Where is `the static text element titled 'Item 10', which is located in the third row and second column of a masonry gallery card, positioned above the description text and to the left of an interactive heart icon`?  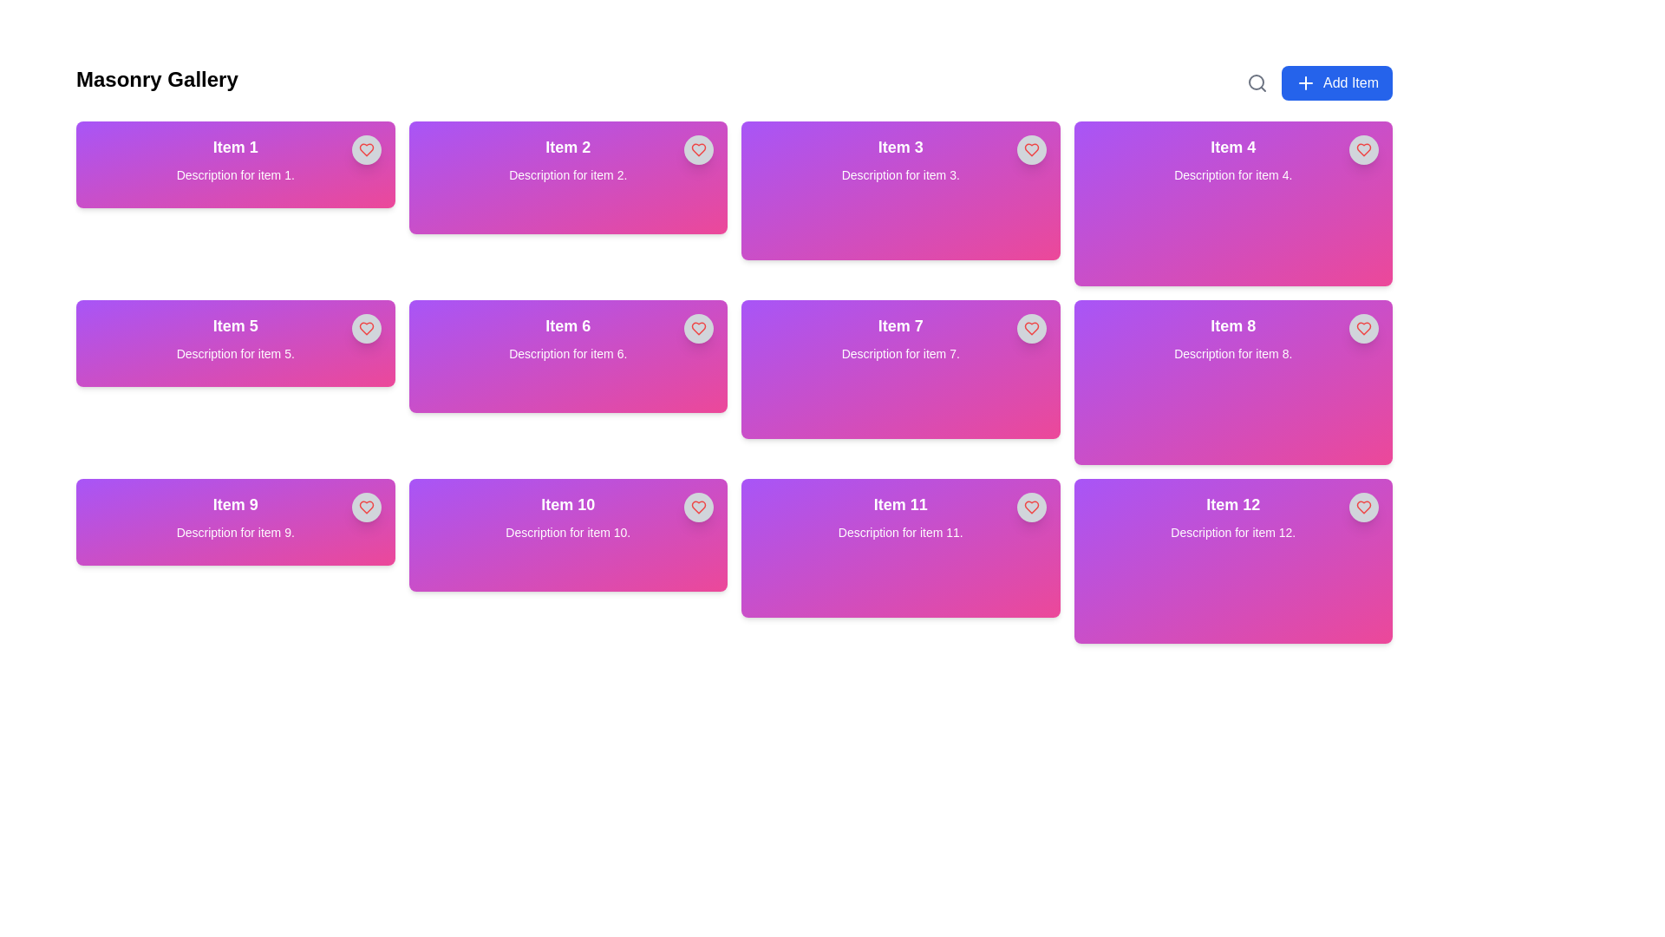 the static text element titled 'Item 10', which is located in the third row and second column of a masonry gallery card, positioned above the description text and to the left of an interactive heart icon is located at coordinates (568, 505).